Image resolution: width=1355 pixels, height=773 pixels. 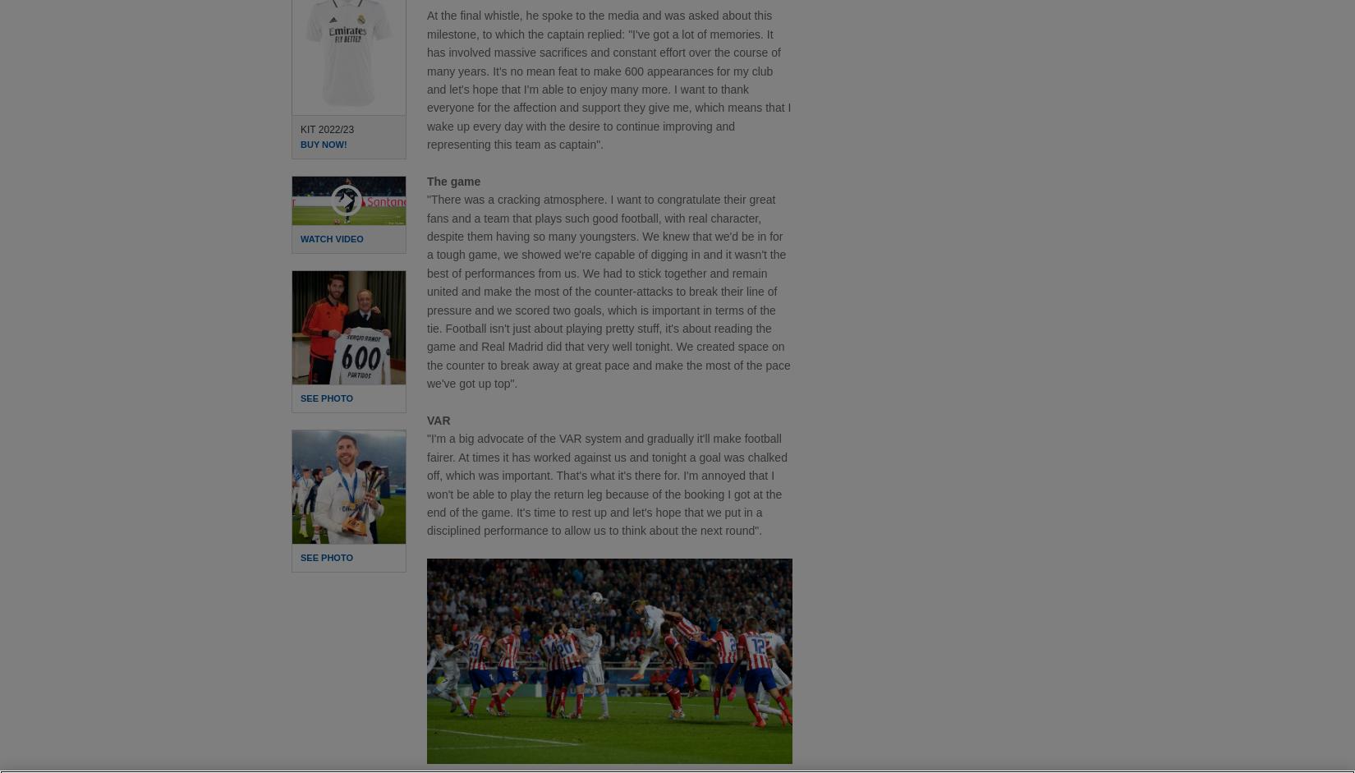 What do you see at coordinates (331, 238) in the screenshot?
I see `'Watch video'` at bounding box center [331, 238].